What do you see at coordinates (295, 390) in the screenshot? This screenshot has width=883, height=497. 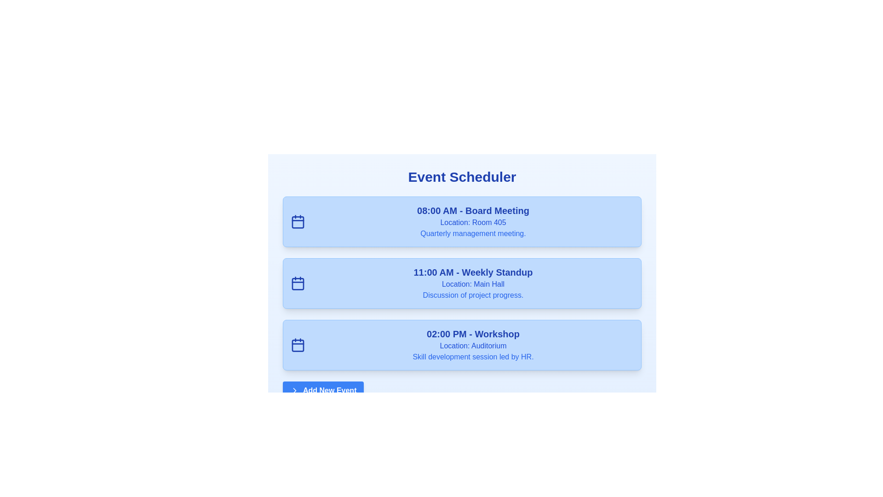 I see `the 'Add New Event' button which contains a left-aligned Chevron icon, indicating forward navigation` at bounding box center [295, 390].